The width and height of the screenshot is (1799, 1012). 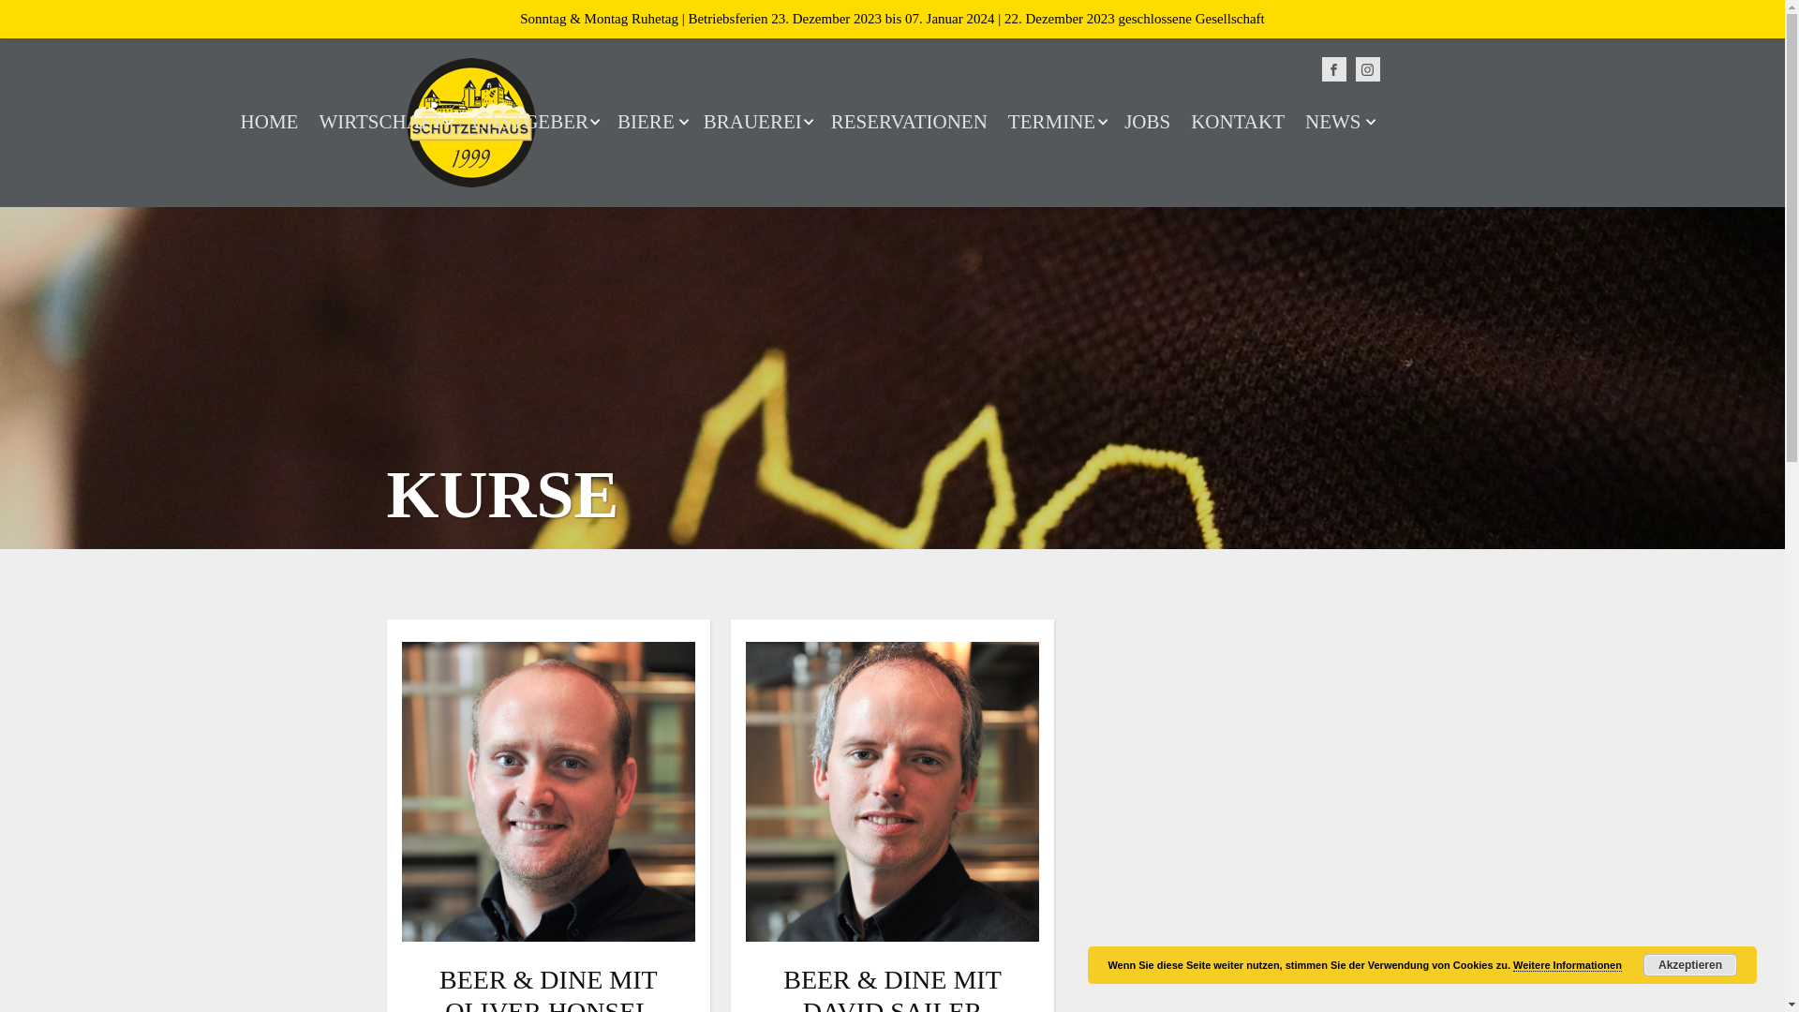 I want to click on 'RESERVATIONEN', so click(x=909, y=123).